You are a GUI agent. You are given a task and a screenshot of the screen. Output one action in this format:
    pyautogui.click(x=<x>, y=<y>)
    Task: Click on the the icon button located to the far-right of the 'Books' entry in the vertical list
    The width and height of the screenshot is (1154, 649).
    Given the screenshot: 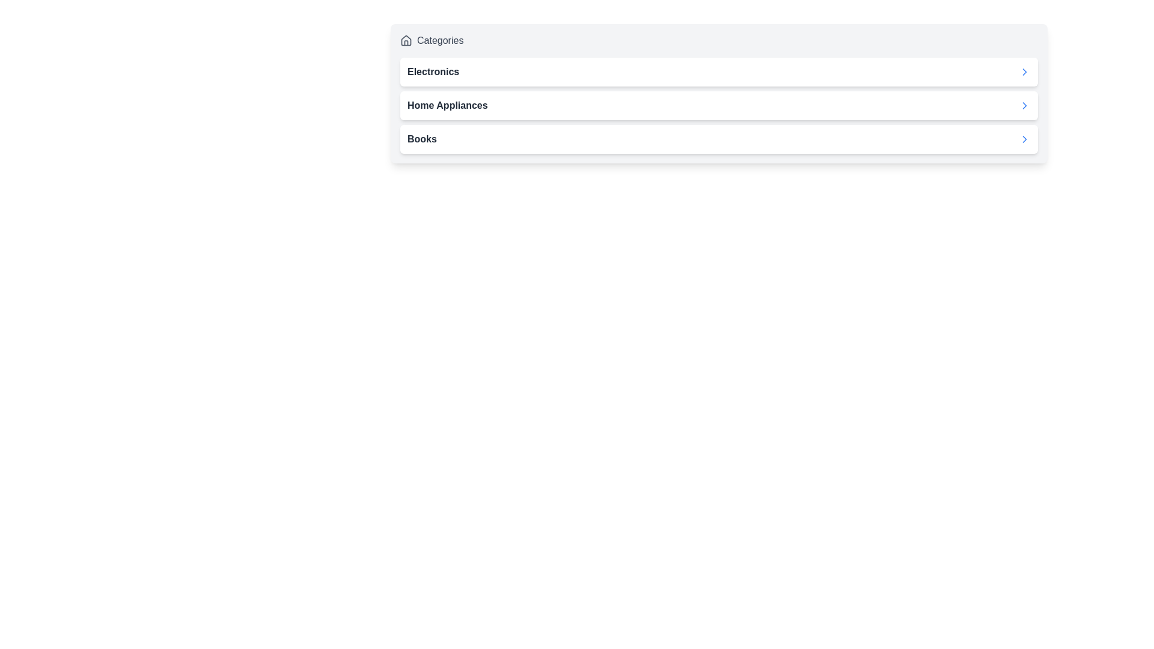 What is the action you would take?
    pyautogui.click(x=1024, y=138)
    